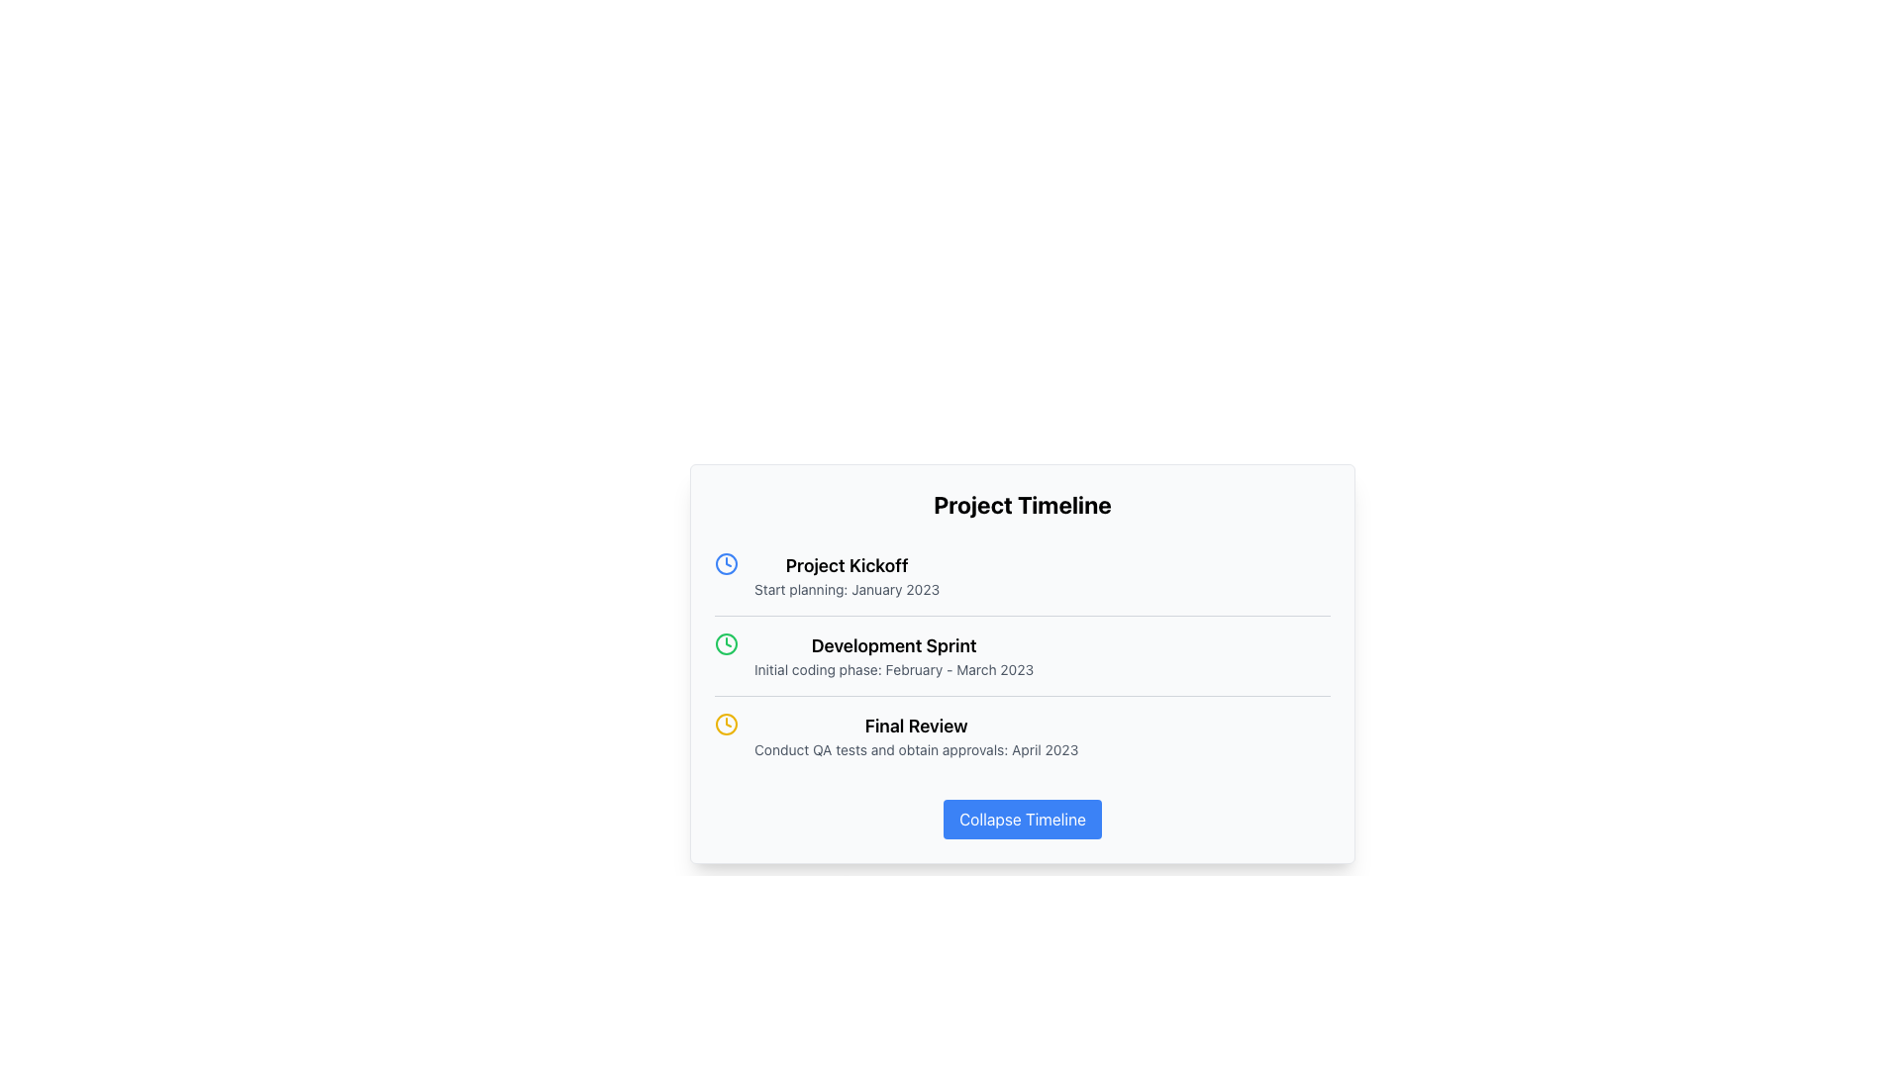 This screenshot has width=1901, height=1069. I want to click on the second project phase item in the vertically stacked list, which provides a title and description of the phase, located between 'Project Kickoff' and 'Final Review', so click(1022, 655).